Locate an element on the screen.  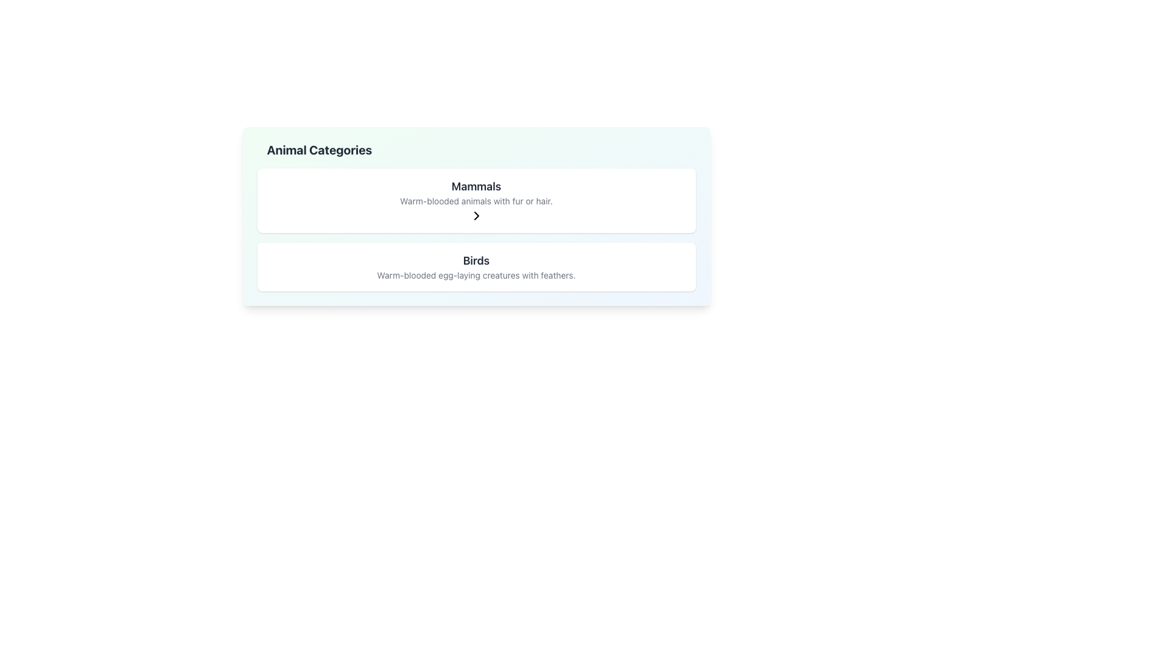
the 'Mammals' text label, which is a bold dark gray headline within the first card of a vertically stacked list of animal categories is located at coordinates (476, 187).